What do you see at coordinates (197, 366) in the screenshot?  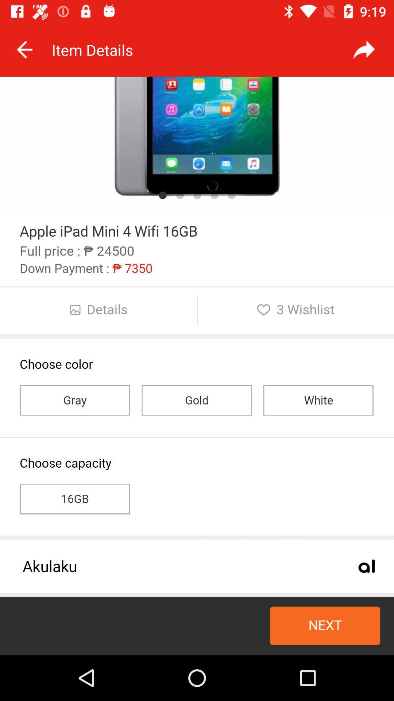 I see `description` at bounding box center [197, 366].